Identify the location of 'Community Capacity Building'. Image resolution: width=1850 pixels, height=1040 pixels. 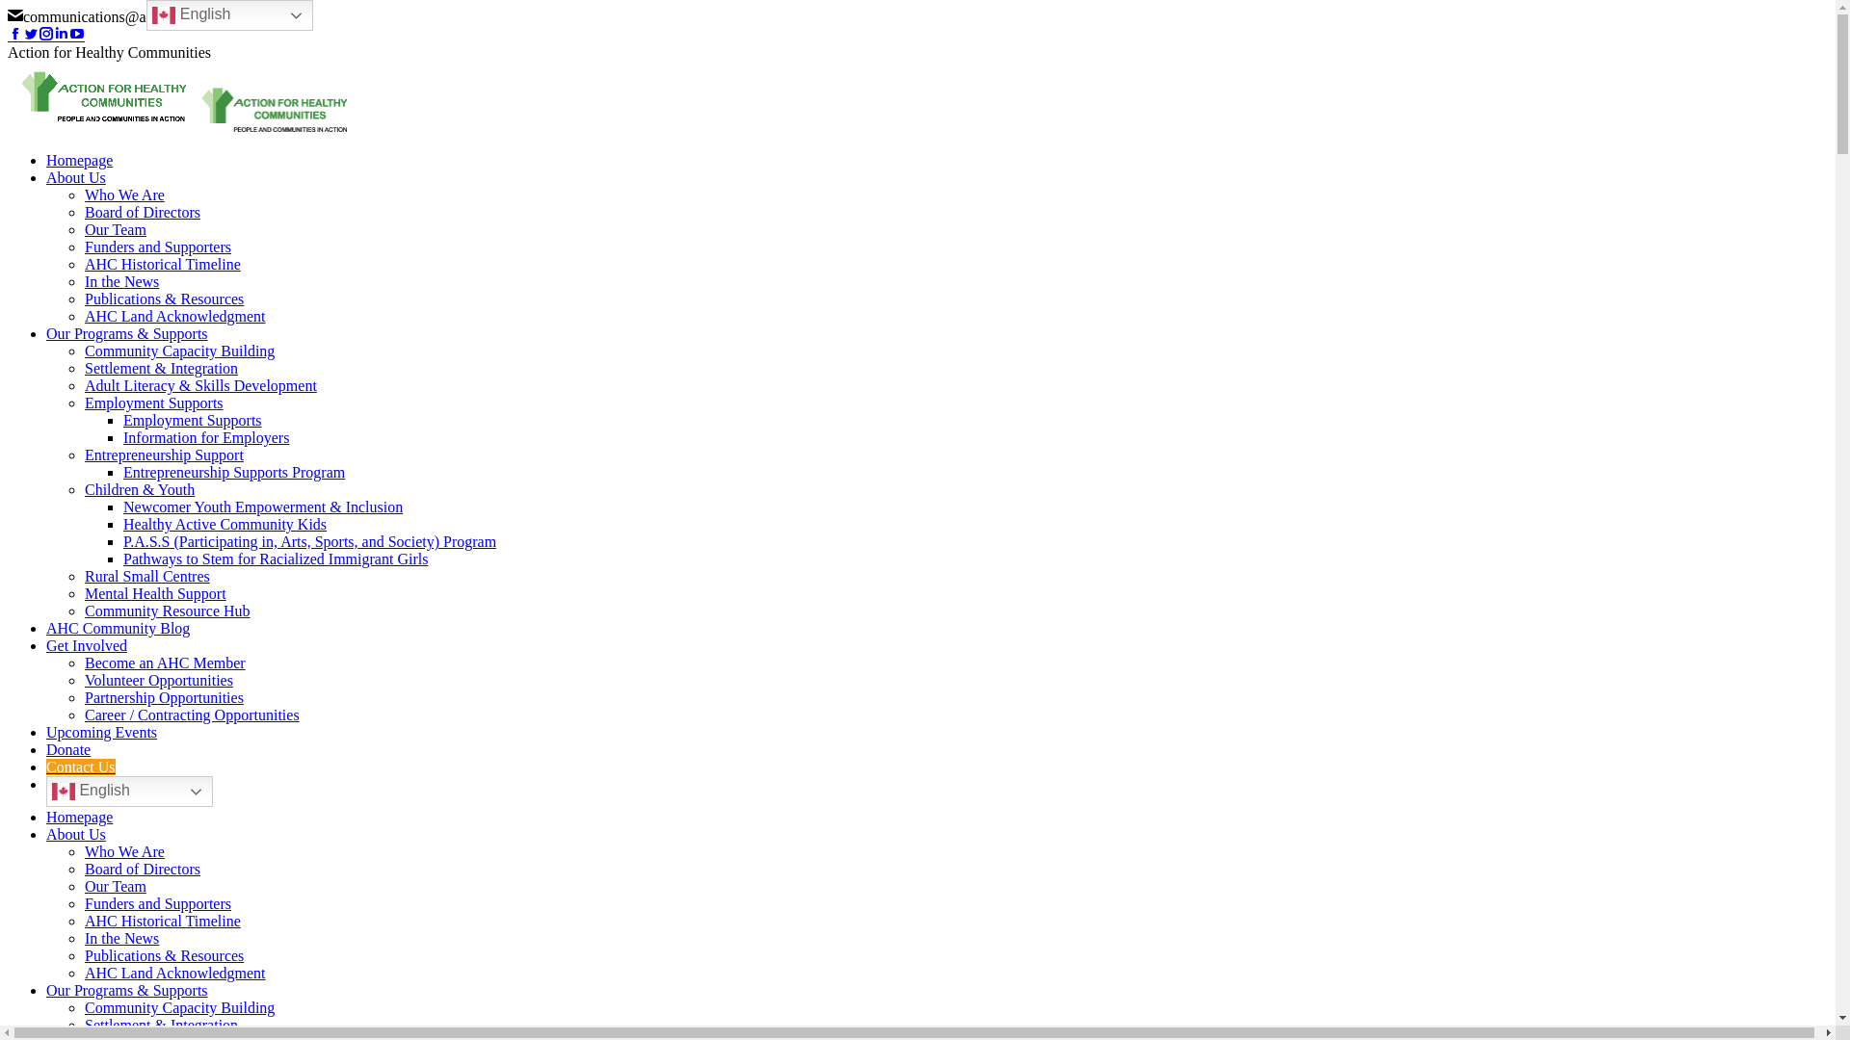
(179, 1006).